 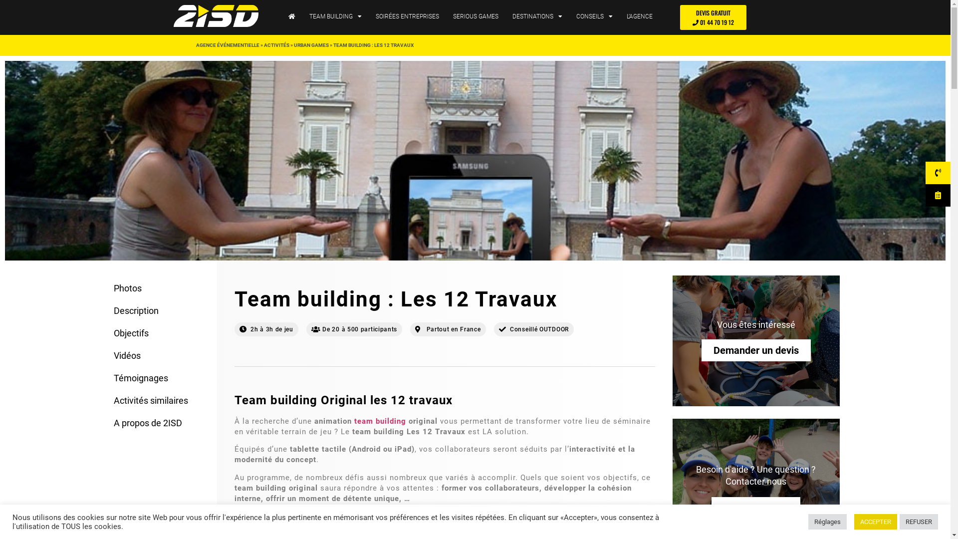 I want to click on 'team building', so click(x=354, y=421).